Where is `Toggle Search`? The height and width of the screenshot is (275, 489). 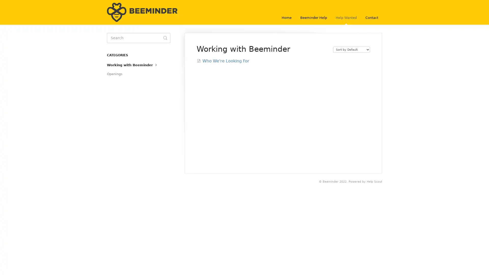 Toggle Search is located at coordinates (165, 38).